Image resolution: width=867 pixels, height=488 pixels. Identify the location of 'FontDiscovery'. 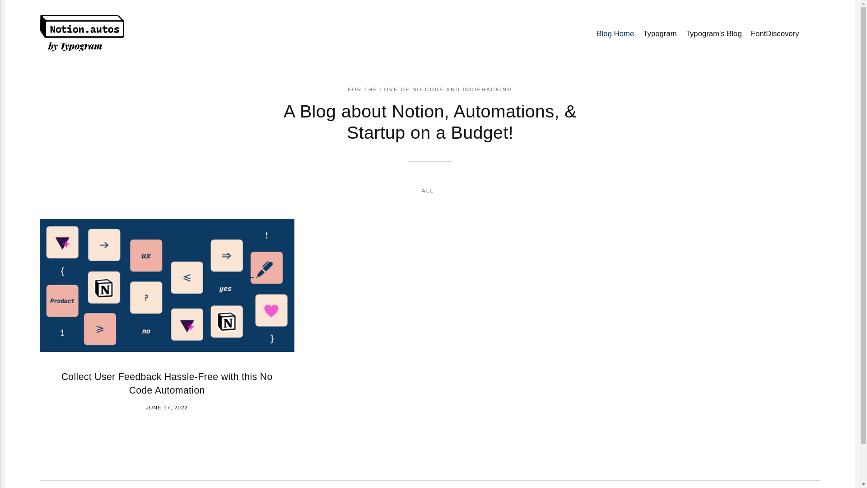
(774, 33).